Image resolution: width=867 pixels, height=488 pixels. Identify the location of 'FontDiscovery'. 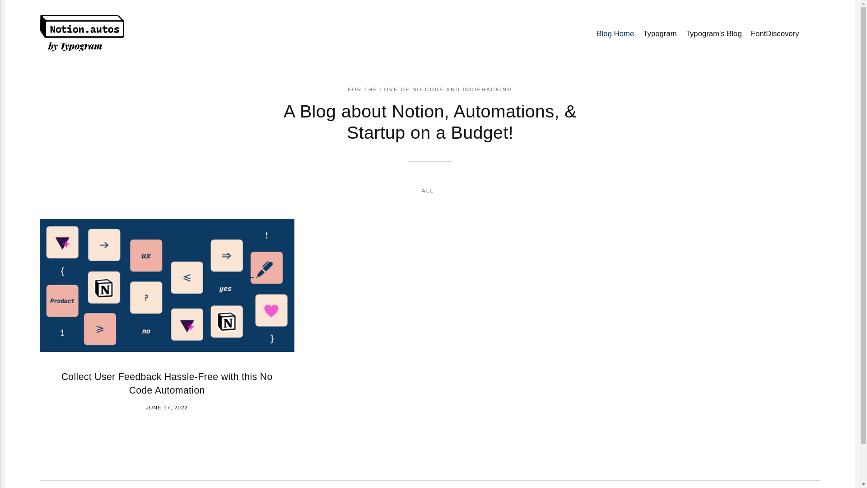
(774, 33).